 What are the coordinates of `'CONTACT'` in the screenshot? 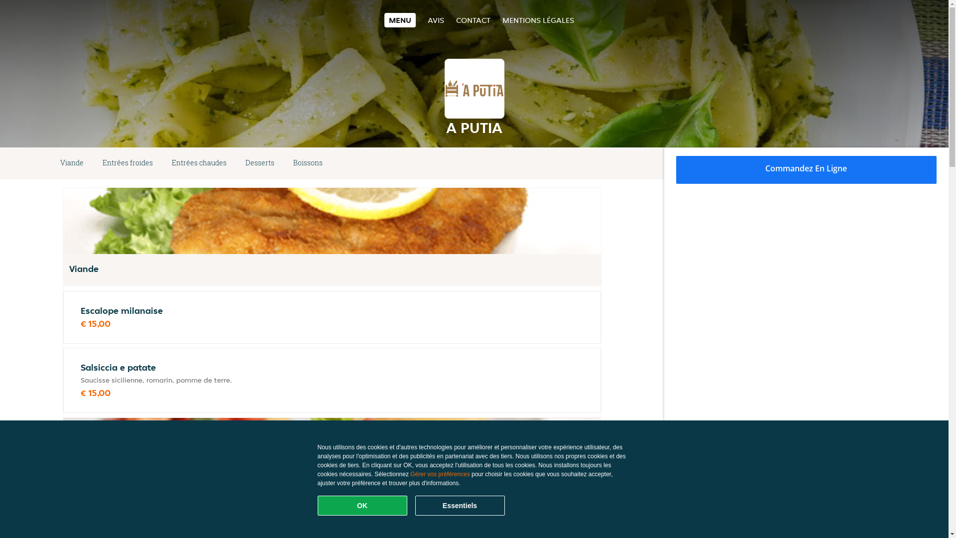 It's located at (456, 20).